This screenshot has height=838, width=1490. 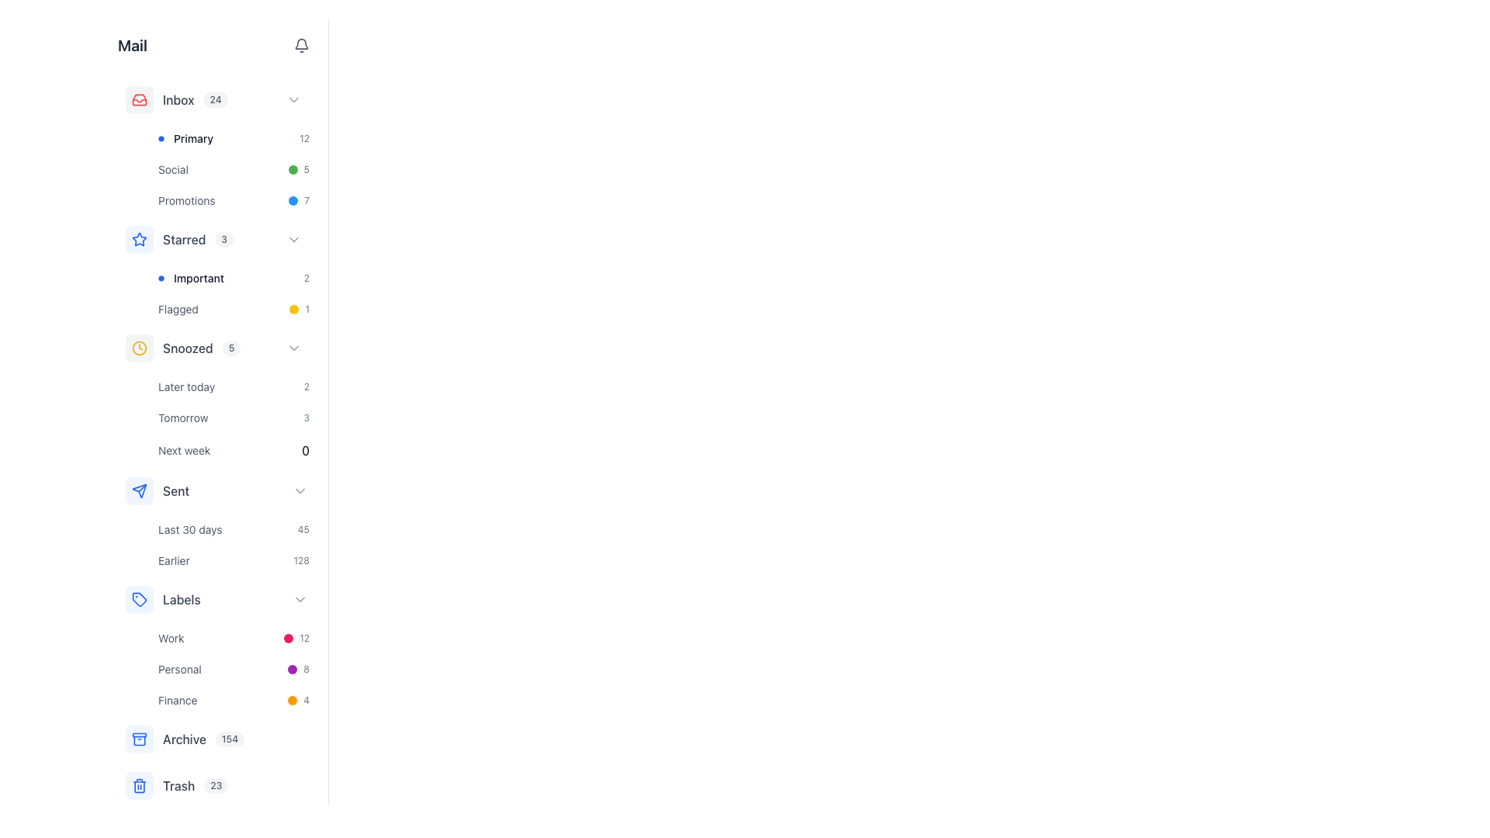 I want to click on the Text label that serves as a numerical indicator, located to the right of a small circular purple icon in the 'Personal' section under 'Labels', so click(x=307, y=669).